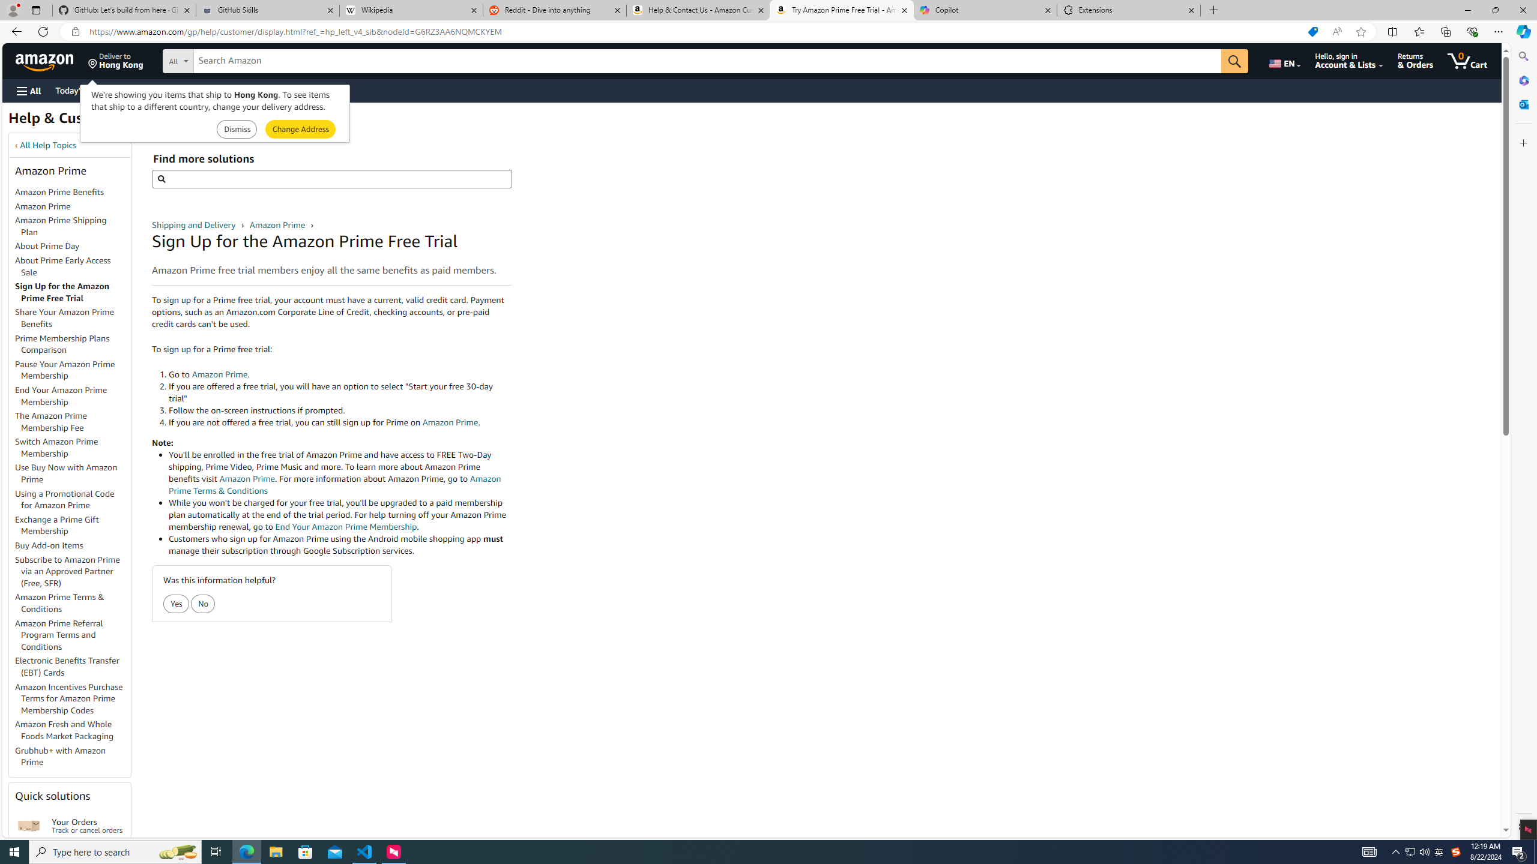  Describe the element at coordinates (115, 60) in the screenshot. I see `'Deliver to Hong Kong'` at that location.